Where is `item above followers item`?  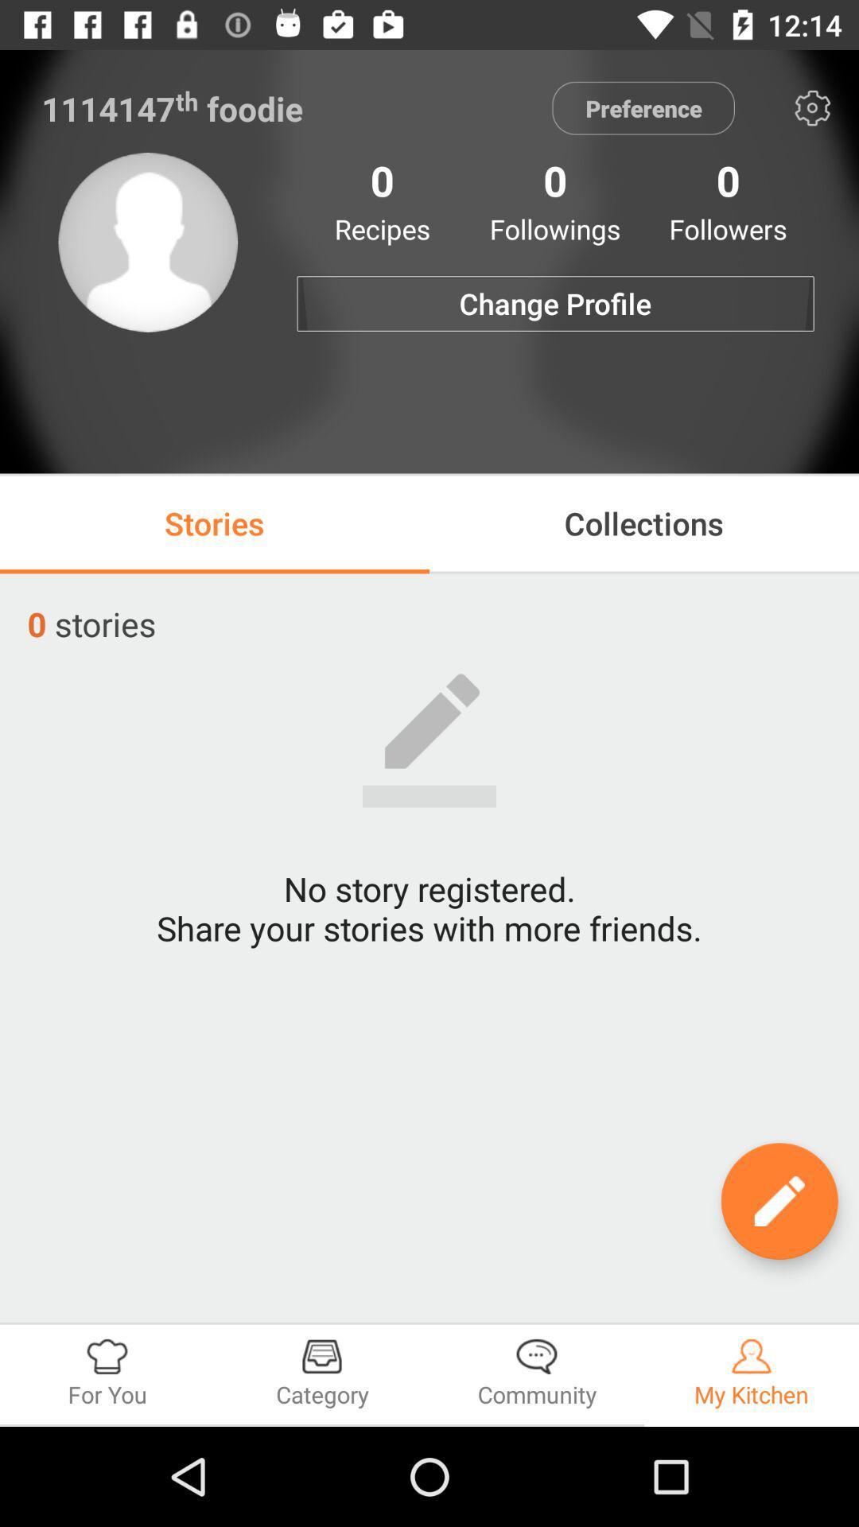
item above followers item is located at coordinates (812, 107).